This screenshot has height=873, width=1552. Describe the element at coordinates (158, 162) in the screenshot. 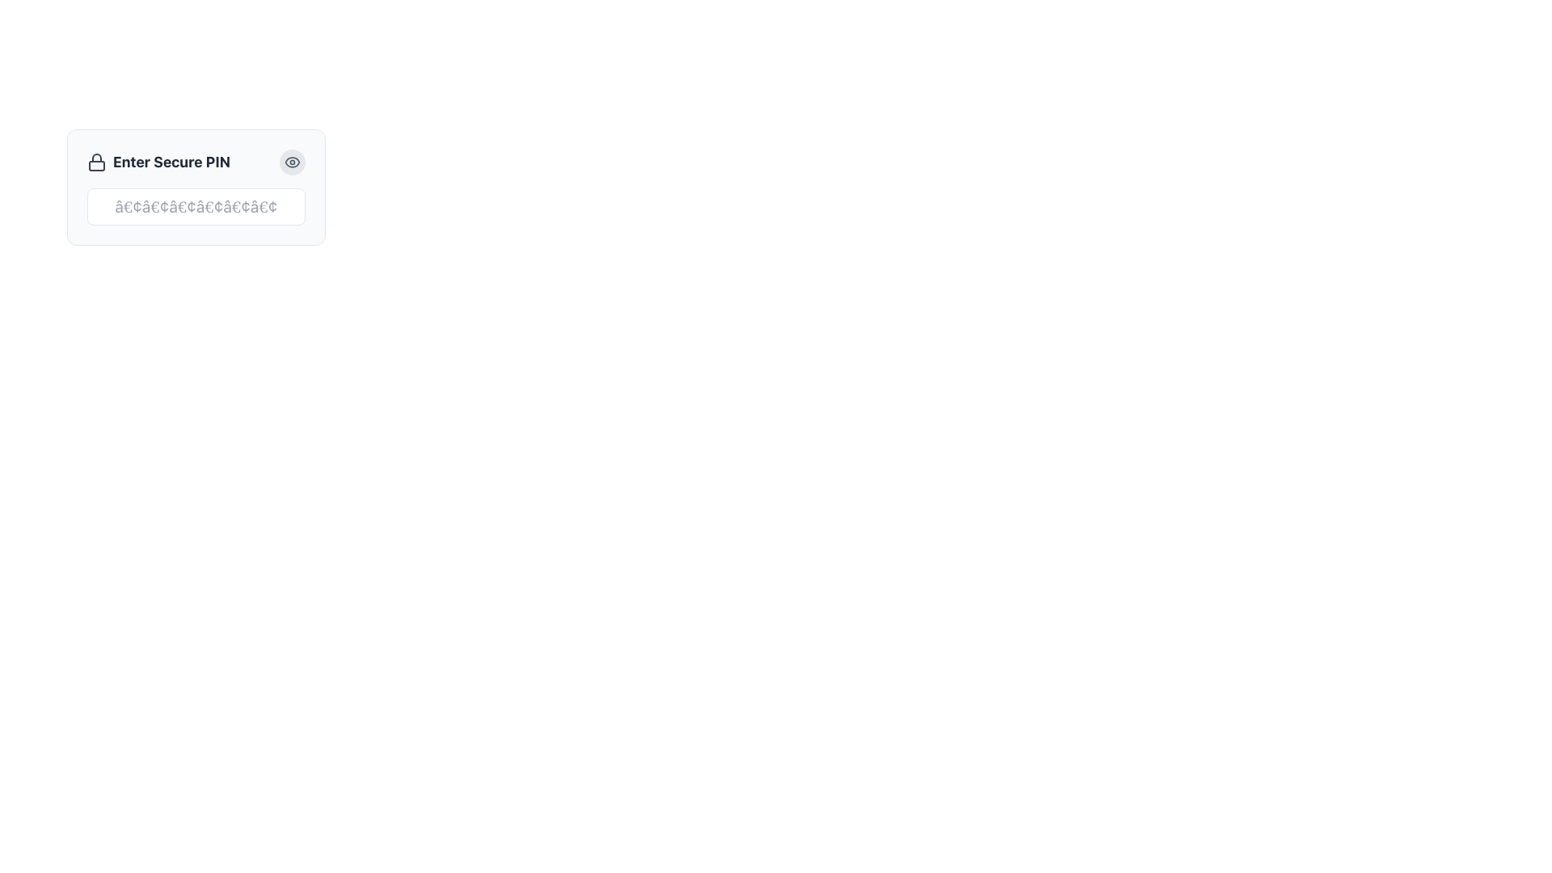

I see `the 'Enter Secure PIN' label with the lock icon, indicating a secure input prompt` at that location.